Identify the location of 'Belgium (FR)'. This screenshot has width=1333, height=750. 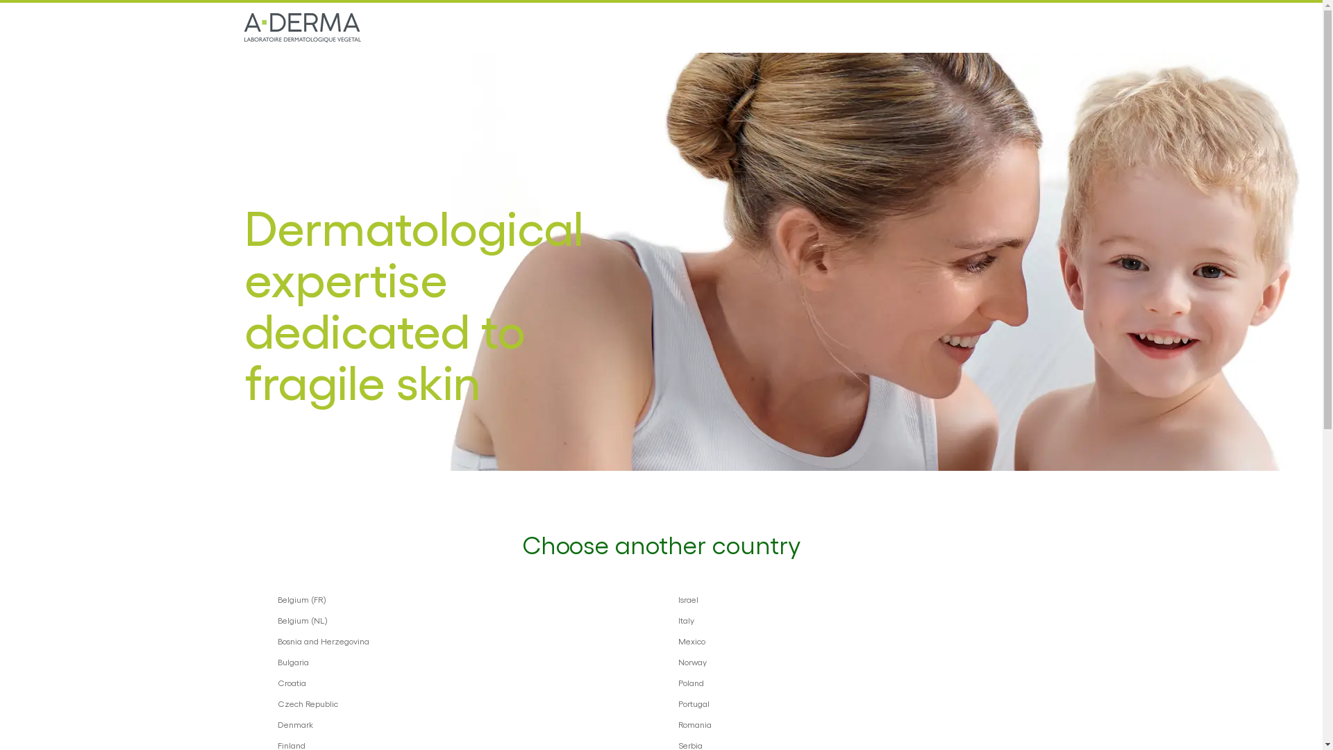
(461, 599).